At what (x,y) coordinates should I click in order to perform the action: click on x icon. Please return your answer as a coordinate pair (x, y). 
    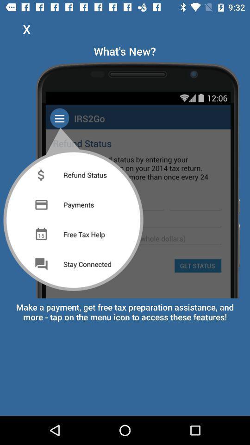
    Looking at the image, I should click on (26, 29).